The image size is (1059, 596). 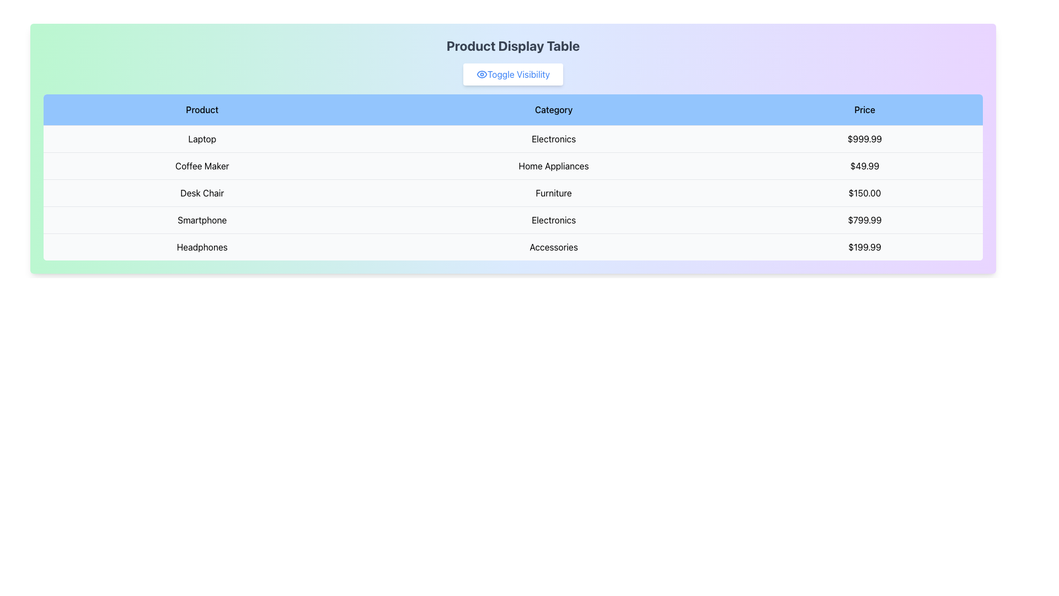 What do you see at coordinates (202, 166) in the screenshot?
I see `the text label displaying the product name located in the second row under the 'Product' header of the table-like structure` at bounding box center [202, 166].